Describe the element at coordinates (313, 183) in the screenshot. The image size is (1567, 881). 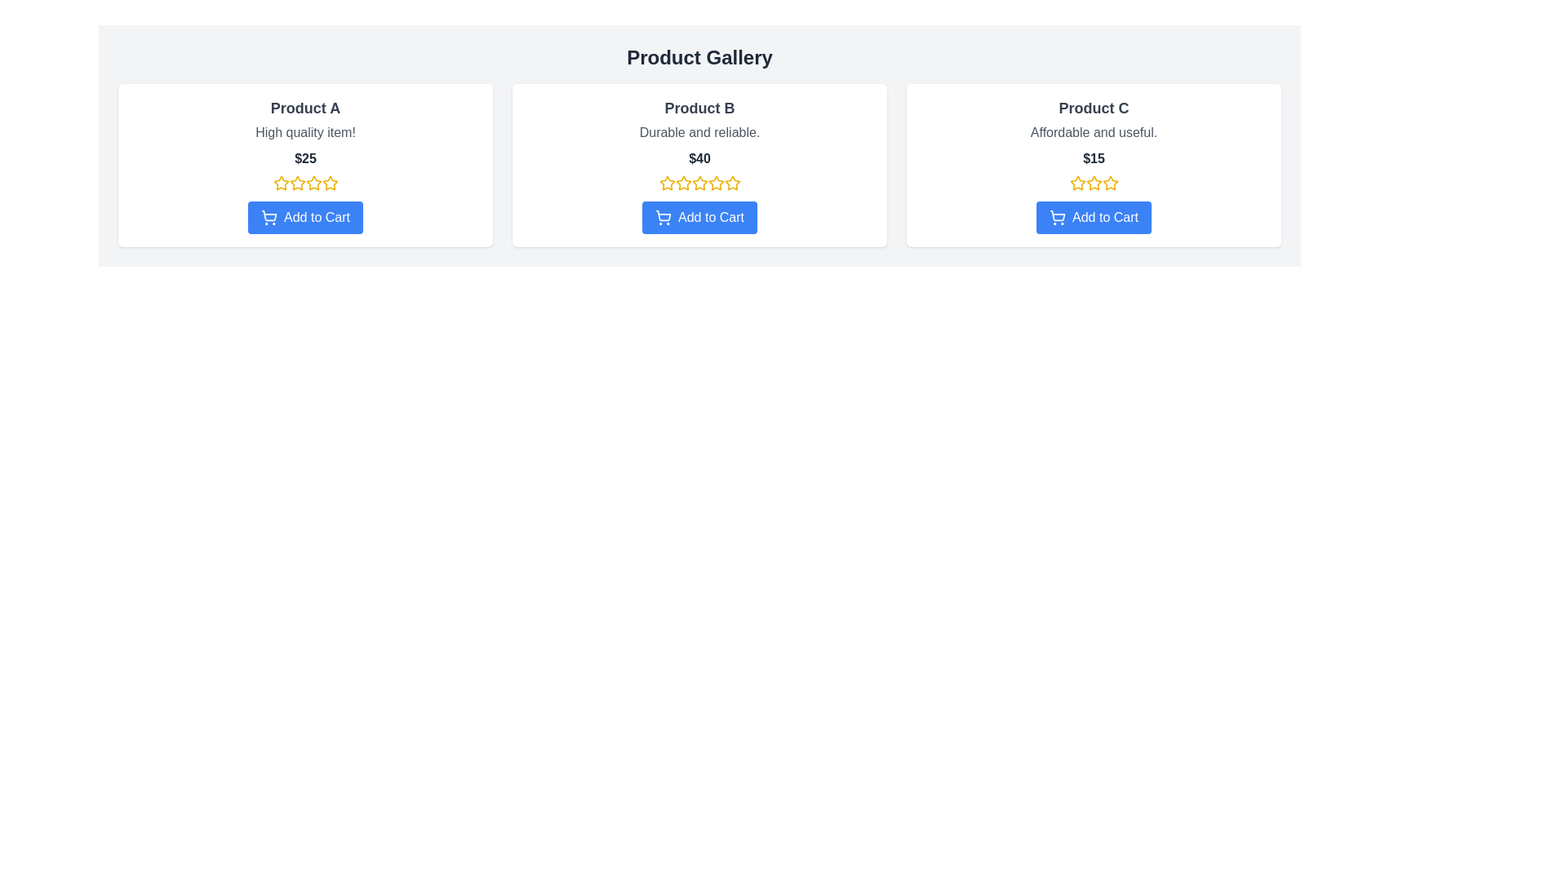
I see `the fourth star in the star-based rating system for Product A` at that location.